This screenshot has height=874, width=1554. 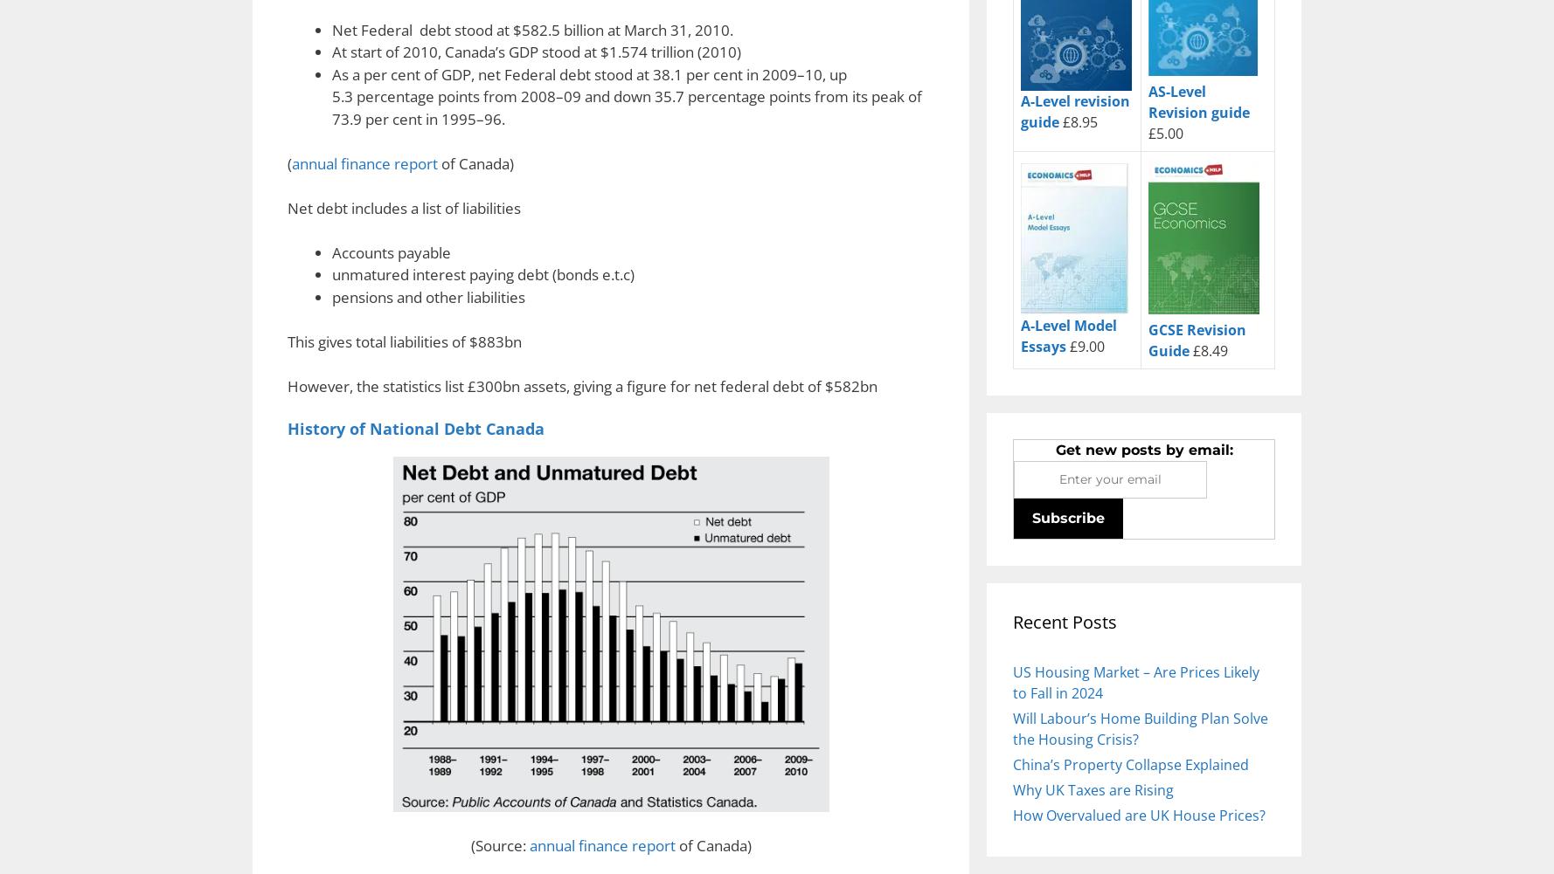 I want to click on 'As a per cent of GDP, net Federal debt stood at 38.1 per cent in 2009–10, up 5.3 percentage points from 2008–09 and down 35.7 percentage points from its peak of 73.9 per cent in 1995–96.', so click(x=626, y=95).